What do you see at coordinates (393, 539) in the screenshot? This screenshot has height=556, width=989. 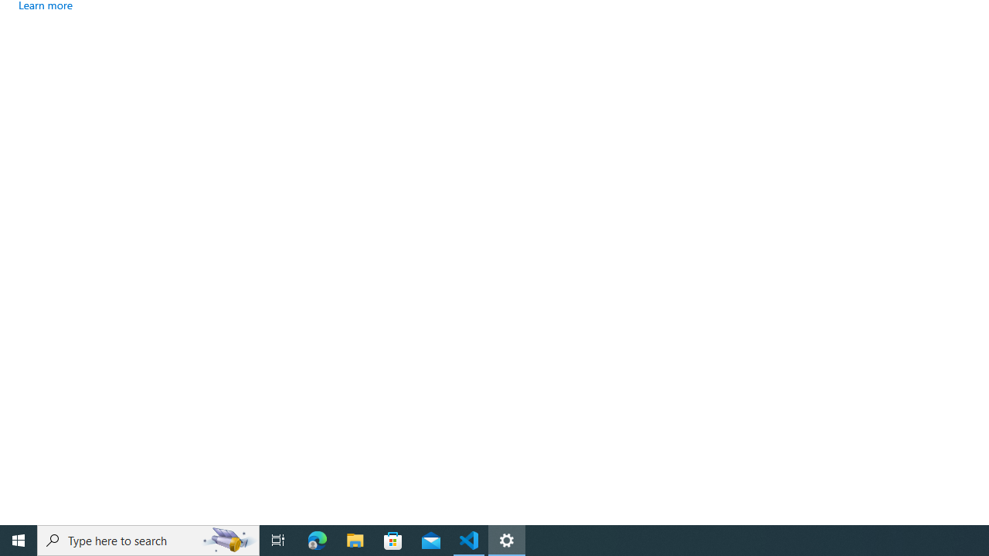 I see `'Microsoft Store'` at bounding box center [393, 539].